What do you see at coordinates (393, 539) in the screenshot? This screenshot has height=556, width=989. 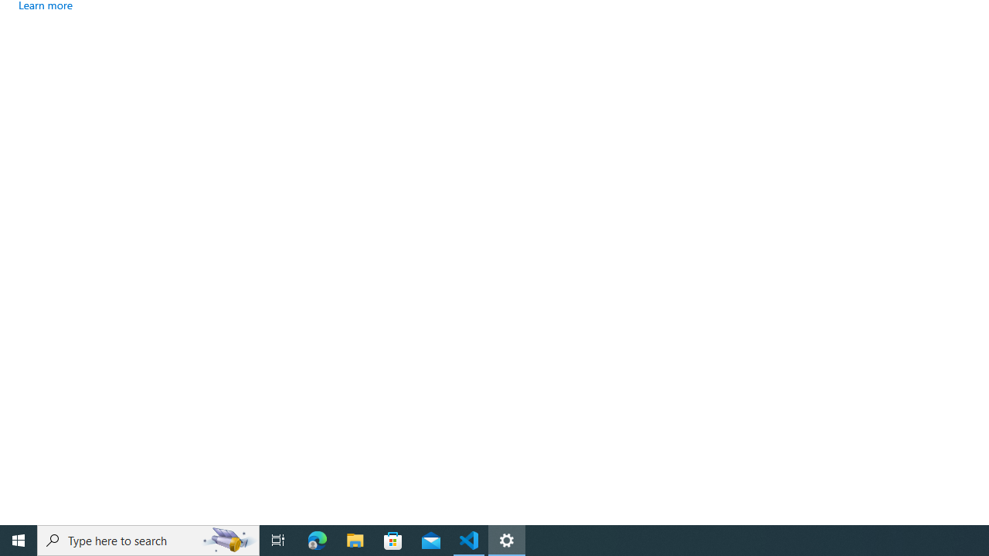 I see `'Microsoft Store'` at bounding box center [393, 539].